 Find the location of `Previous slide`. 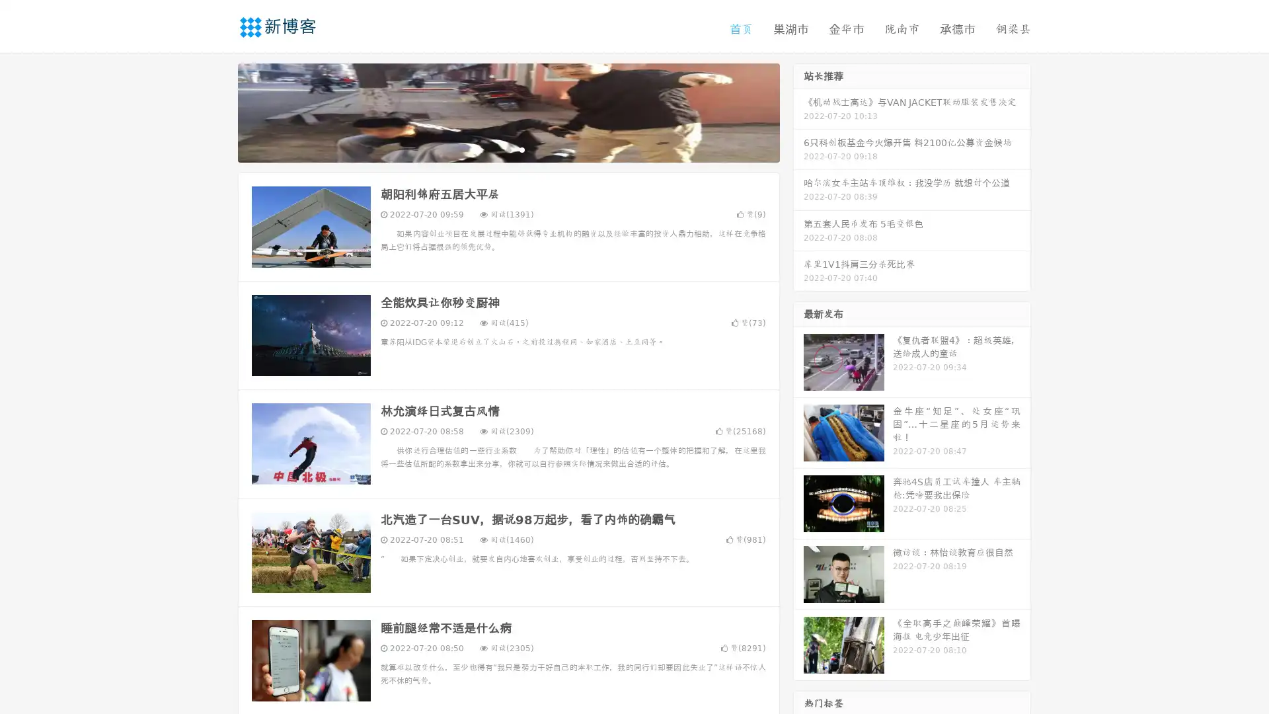

Previous slide is located at coordinates (218, 111).